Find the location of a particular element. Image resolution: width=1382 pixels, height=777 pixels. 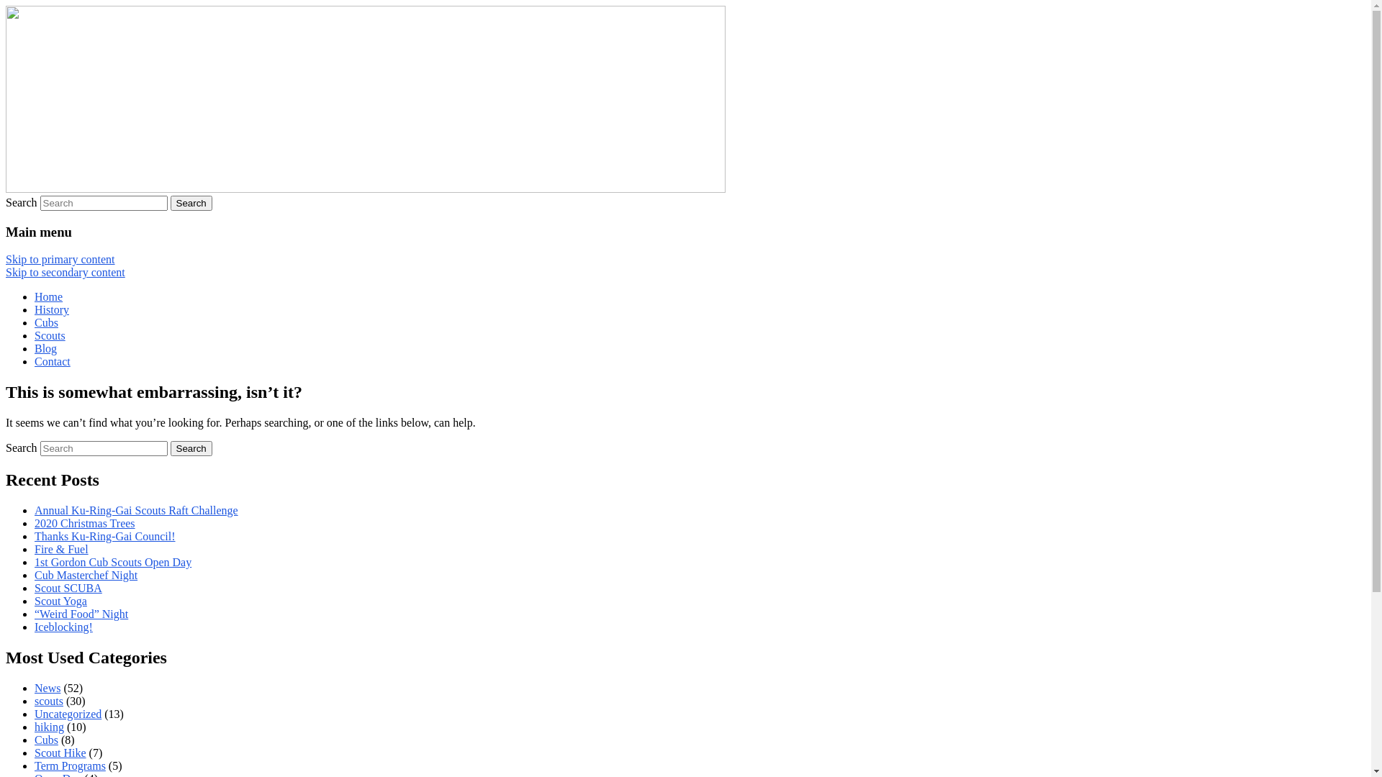

'Scouts' is located at coordinates (50, 335).